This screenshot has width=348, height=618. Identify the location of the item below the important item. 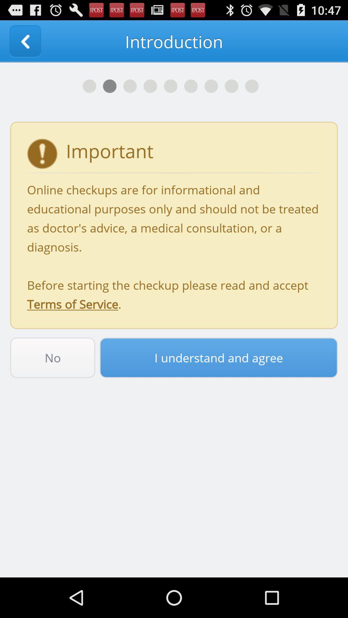
(174, 247).